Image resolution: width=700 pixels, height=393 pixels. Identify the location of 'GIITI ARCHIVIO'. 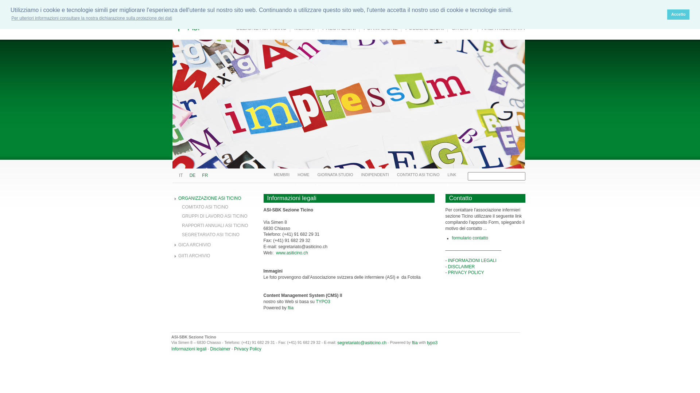
(194, 255).